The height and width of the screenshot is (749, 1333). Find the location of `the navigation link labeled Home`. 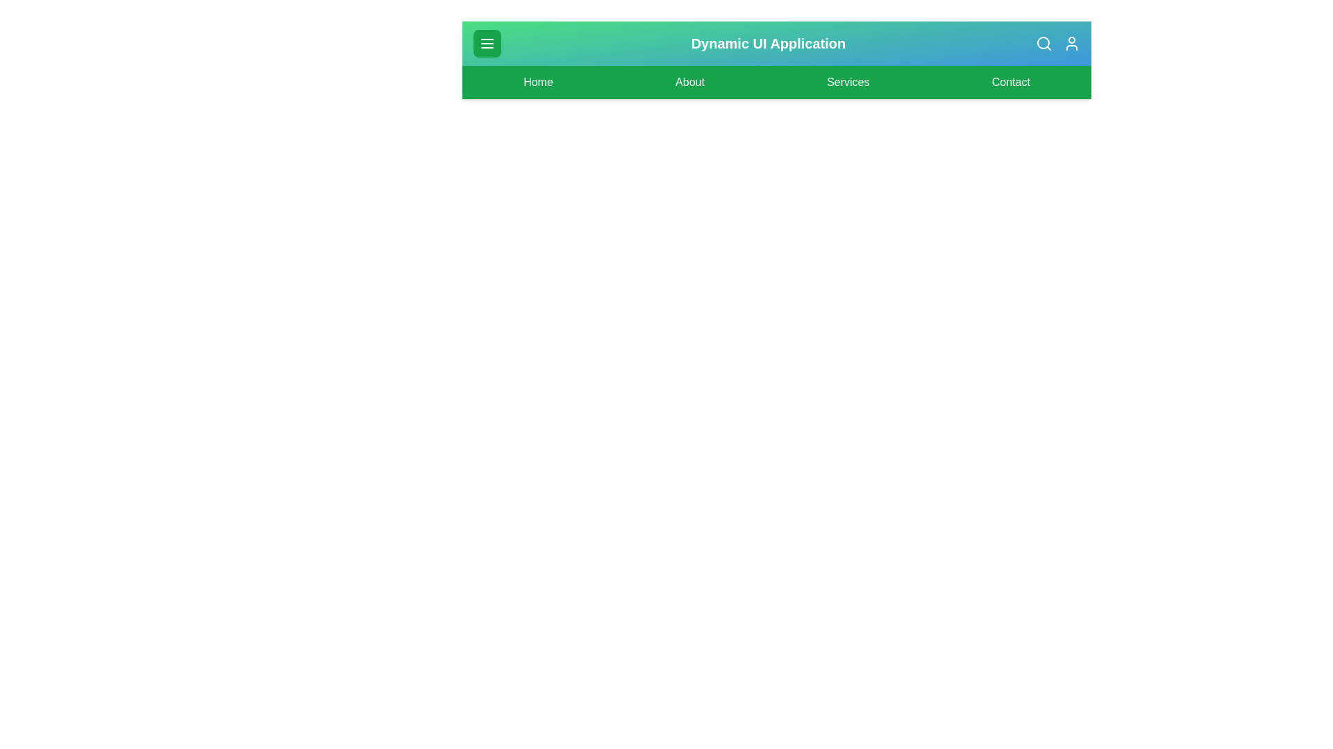

the navigation link labeled Home is located at coordinates (537, 83).